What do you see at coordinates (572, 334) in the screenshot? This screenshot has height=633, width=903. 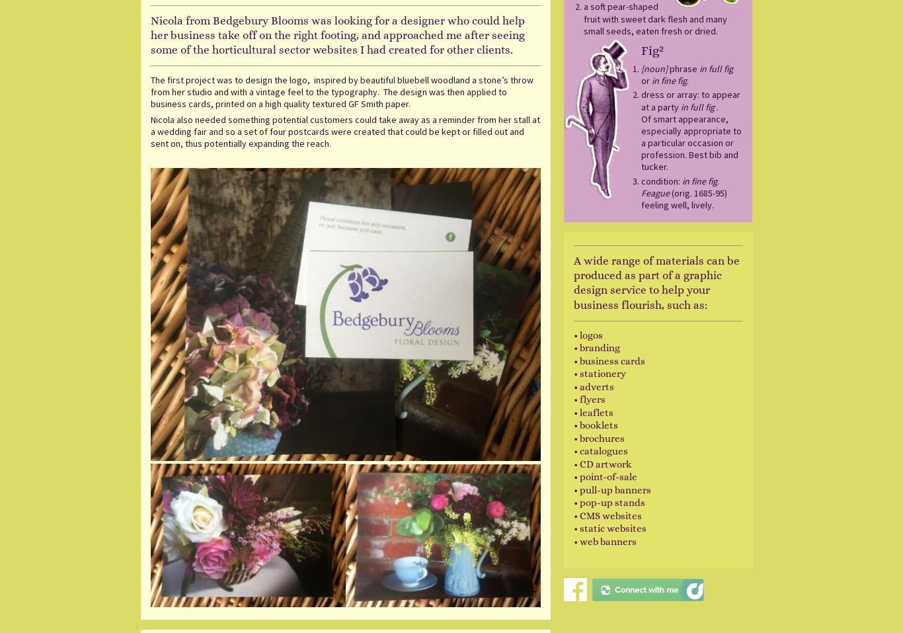 I see `'• logos'` at bounding box center [572, 334].